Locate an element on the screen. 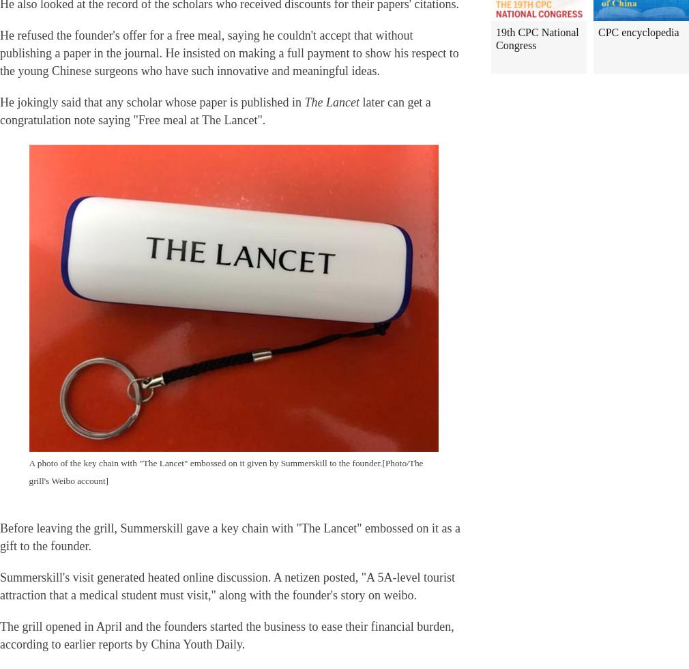 Image resolution: width=689 pixels, height=669 pixels. '19th CPC National Congress' is located at coordinates (495, 39).